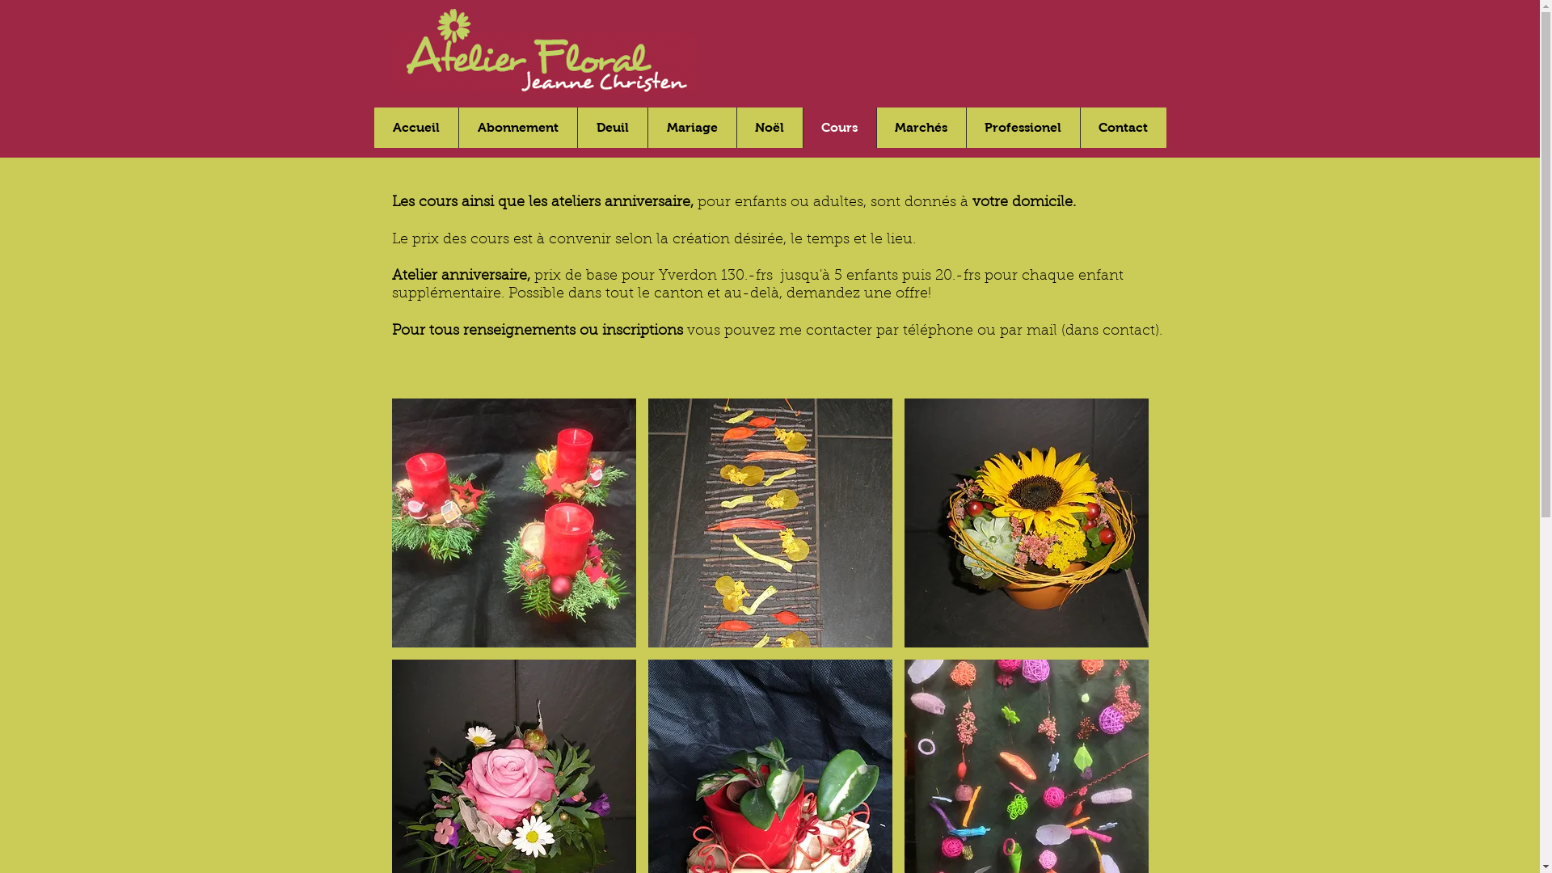  I want to click on 'Accueil', so click(415, 127).